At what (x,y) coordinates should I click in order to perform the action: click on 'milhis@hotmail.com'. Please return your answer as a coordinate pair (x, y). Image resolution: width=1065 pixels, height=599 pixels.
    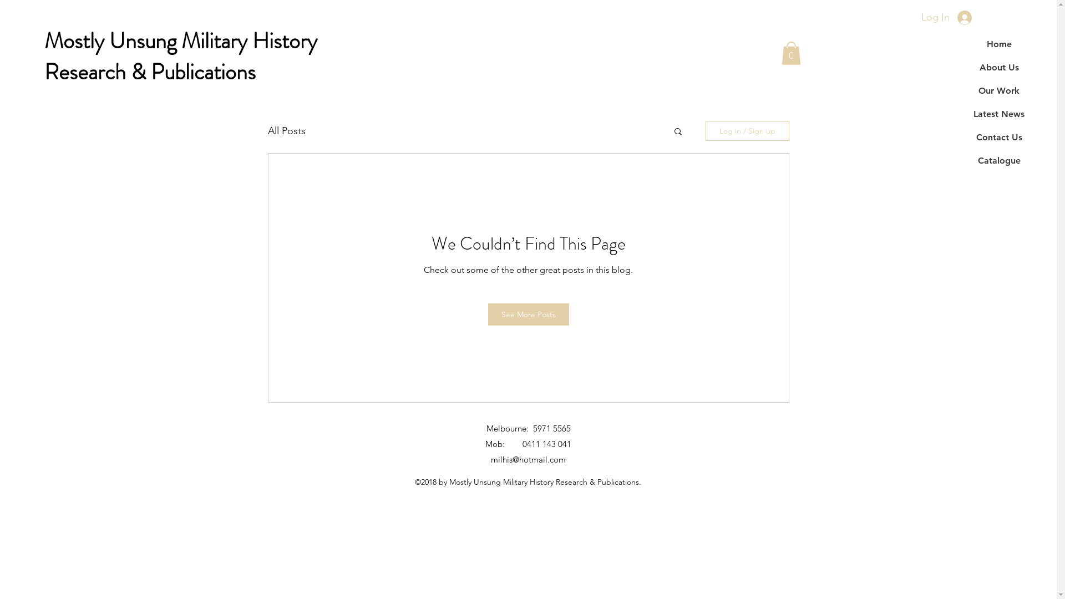
    Looking at the image, I should click on (528, 459).